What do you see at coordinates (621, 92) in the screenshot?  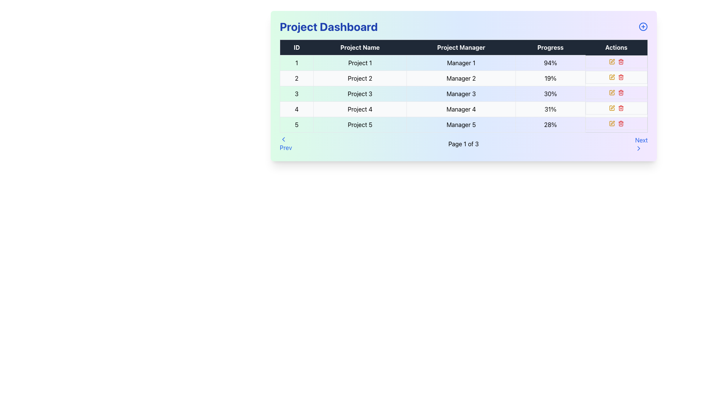 I see `the trash bin icon button in the 'Actions' column for 'Project 3'` at bounding box center [621, 92].